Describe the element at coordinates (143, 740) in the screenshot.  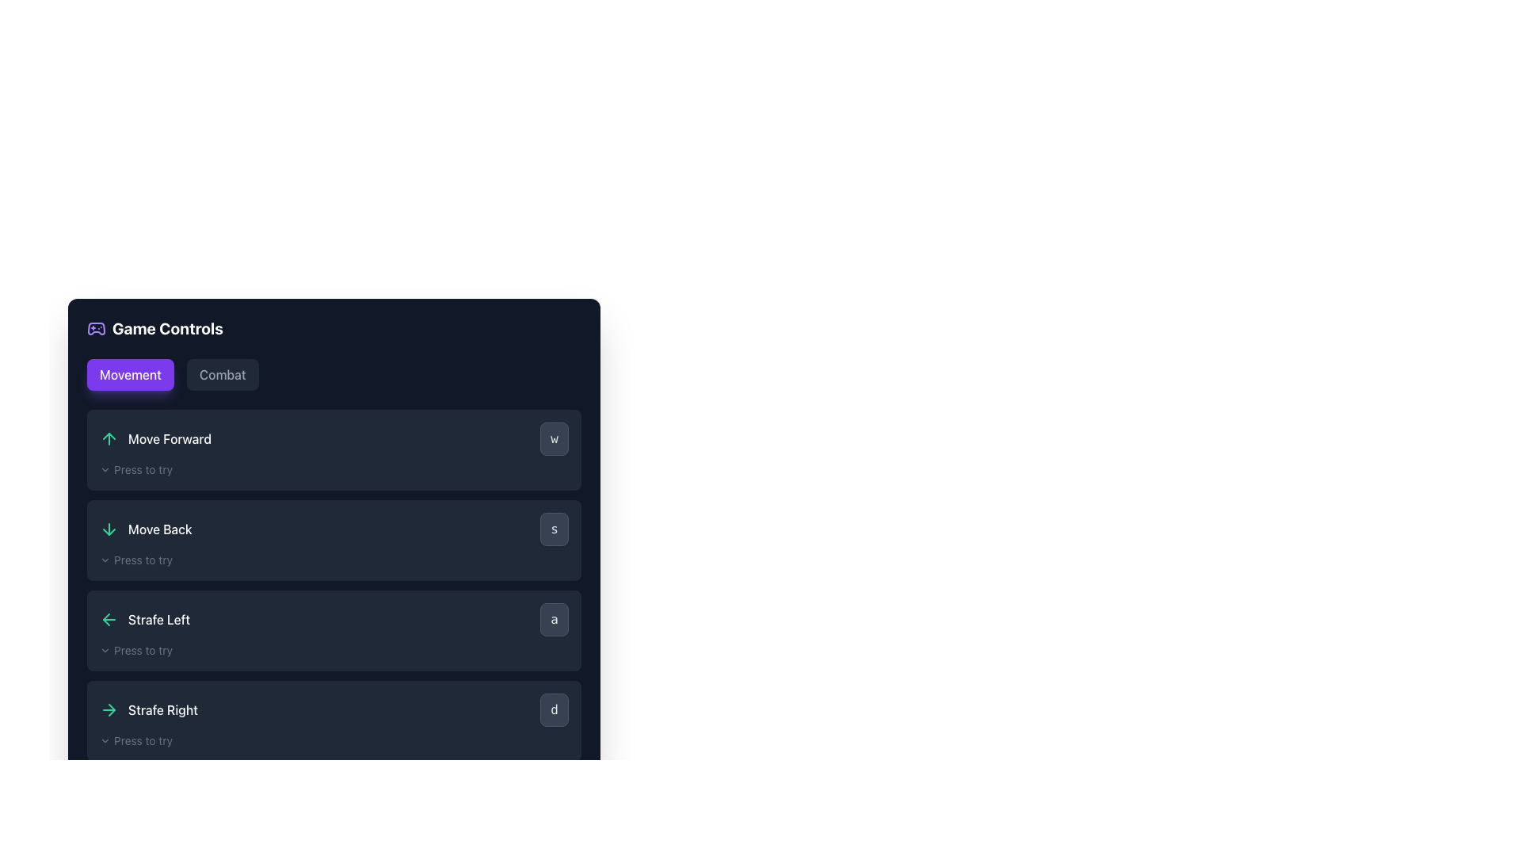
I see `the text label displaying 'Press to try' located underneath the 'Strafe Right' label within the 'Game Controls' interface` at that location.